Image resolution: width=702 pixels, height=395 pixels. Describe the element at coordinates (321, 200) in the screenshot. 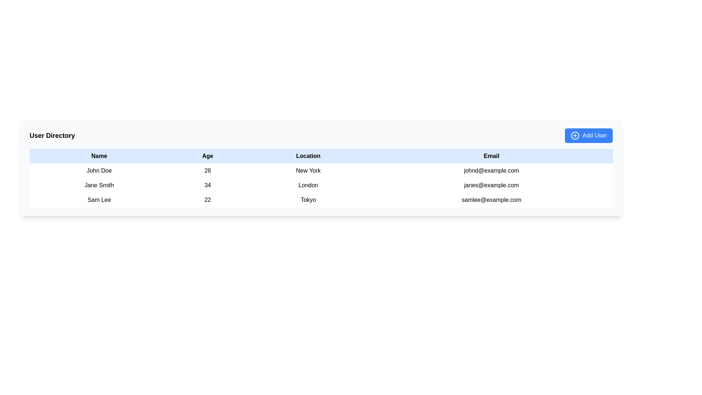

I see `to select the third row in the user directory table displaying user information for 'Sam Lee', including his name, age, location, and email` at that location.